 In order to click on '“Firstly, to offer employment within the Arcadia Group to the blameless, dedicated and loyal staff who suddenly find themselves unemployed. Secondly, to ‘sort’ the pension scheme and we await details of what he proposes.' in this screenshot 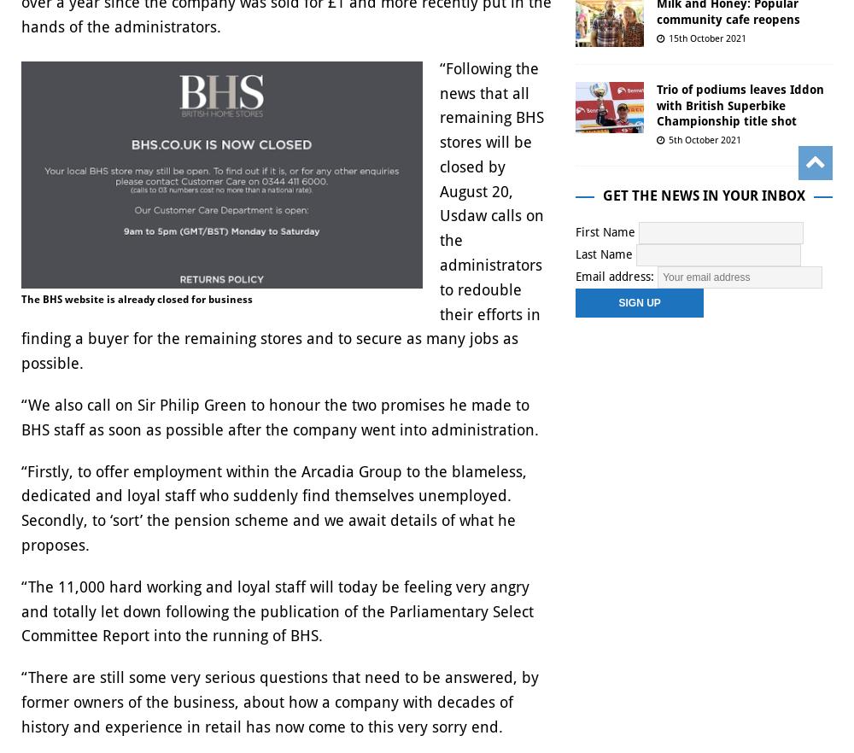, I will do `click(273, 507)`.